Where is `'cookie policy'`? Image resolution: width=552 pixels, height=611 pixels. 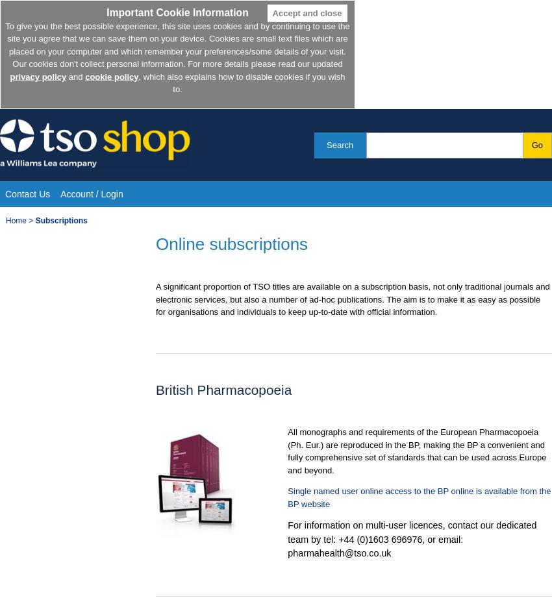 'cookie policy' is located at coordinates (111, 76).